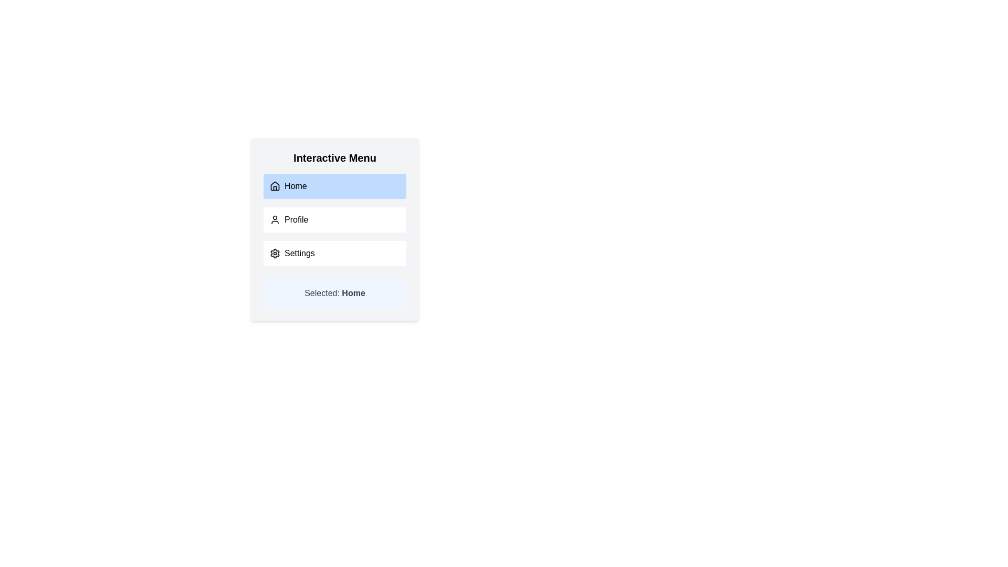 This screenshot has width=1008, height=567. I want to click on the 'Profile' button, which is a horizontal button with a white background and rounded corners, located below the 'Home' button in the 'Interactive Menu' section, so click(334, 219).